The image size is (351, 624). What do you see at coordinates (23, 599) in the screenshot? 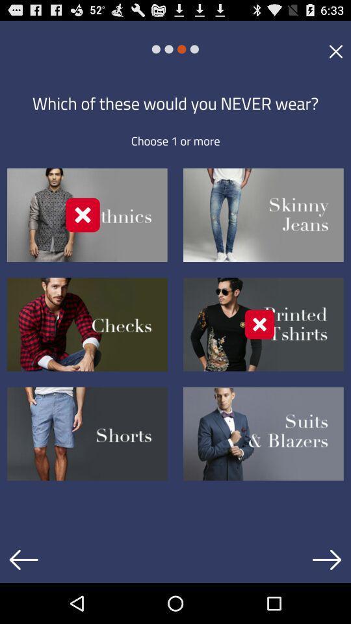
I see `the arrow_backward icon` at bounding box center [23, 599].